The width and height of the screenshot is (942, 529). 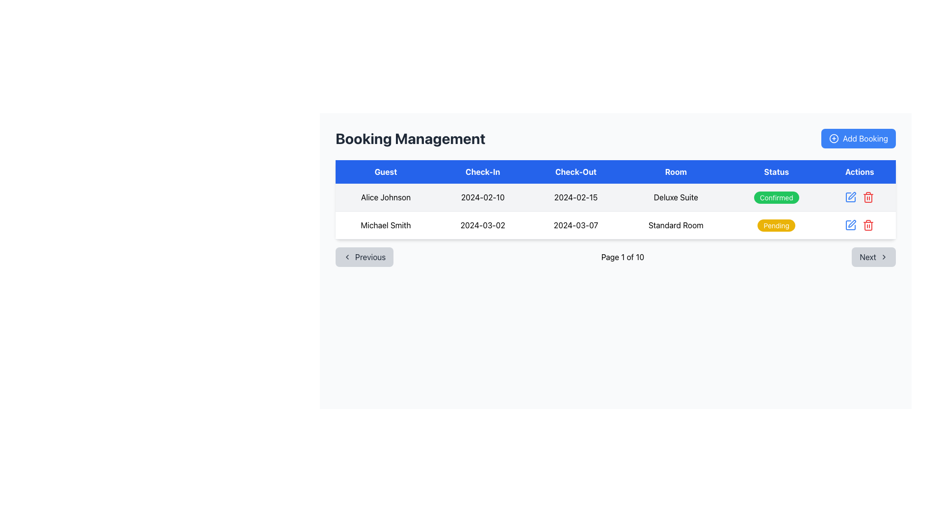 What do you see at coordinates (483, 225) in the screenshot?
I see `the Text Label displaying the check-in date for a guest's booking in the second row of the table under the 'Check-In' column` at bounding box center [483, 225].